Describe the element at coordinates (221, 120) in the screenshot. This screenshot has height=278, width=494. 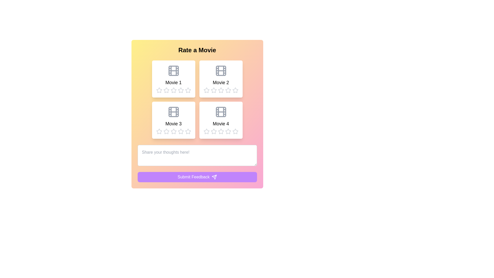
I see `the movie card in the bottom-right slot of the 2x2 grid` at that location.